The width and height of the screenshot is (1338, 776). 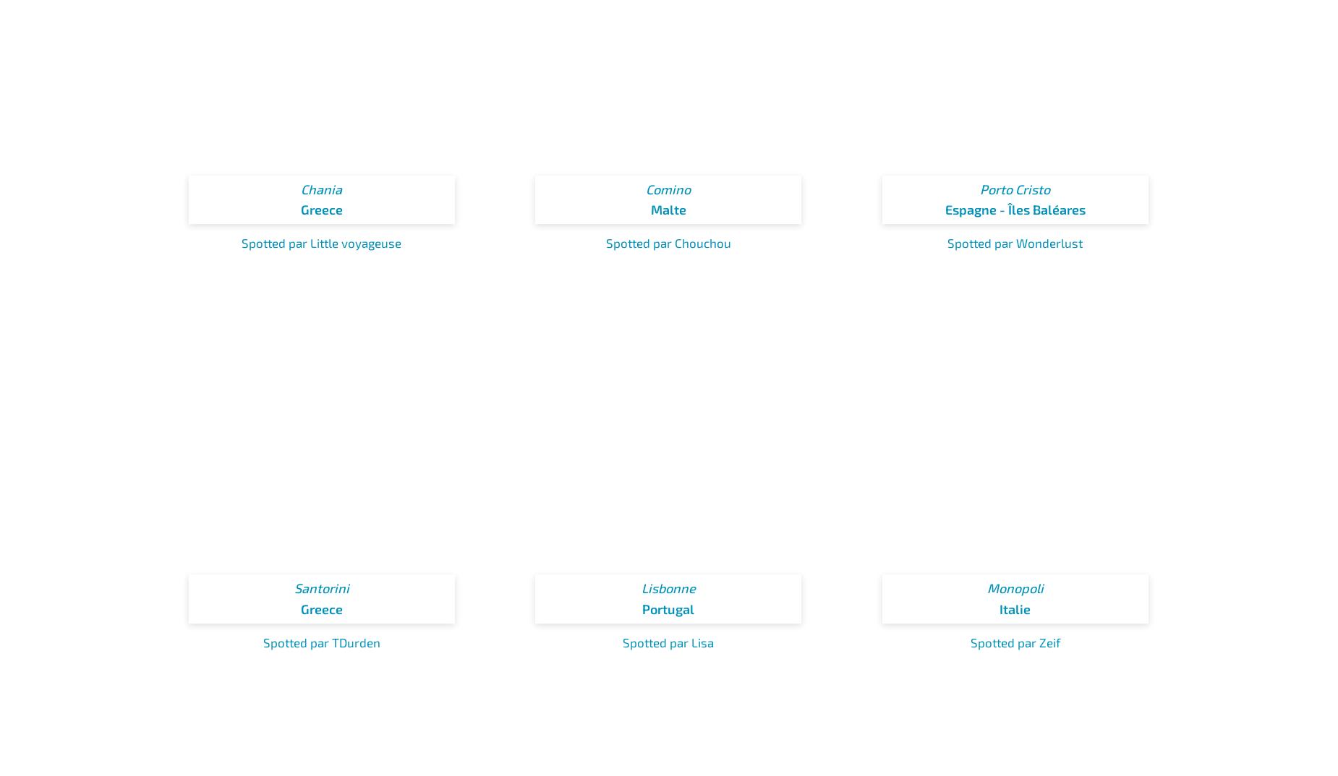 What do you see at coordinates (642, 608) in the screenshot?
I see `'Portugal'` at bounding box center [642, 608].